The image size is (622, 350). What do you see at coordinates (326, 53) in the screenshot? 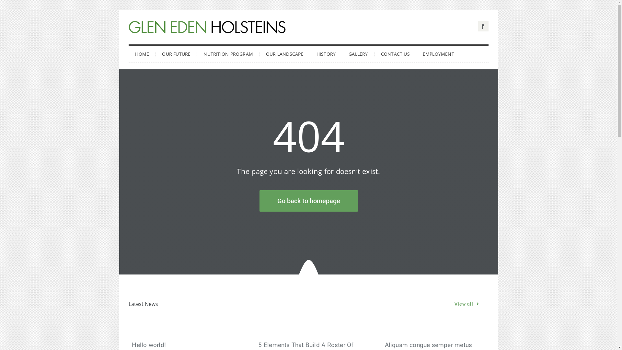
I see `'HISTORY'` at bounding box center [326, 53].